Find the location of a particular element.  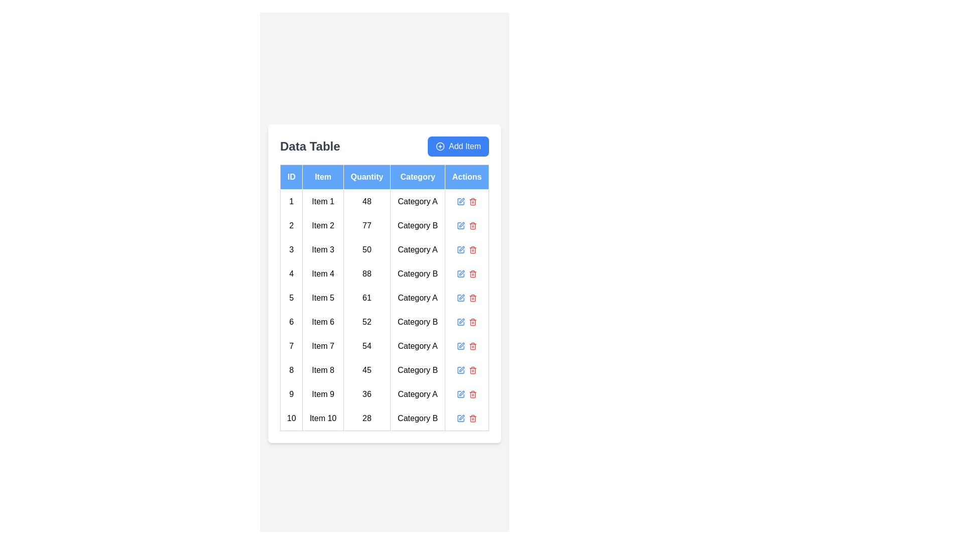

the blue pen icon button in the 'Actions' column of the table is located at coordinates (460, 297).